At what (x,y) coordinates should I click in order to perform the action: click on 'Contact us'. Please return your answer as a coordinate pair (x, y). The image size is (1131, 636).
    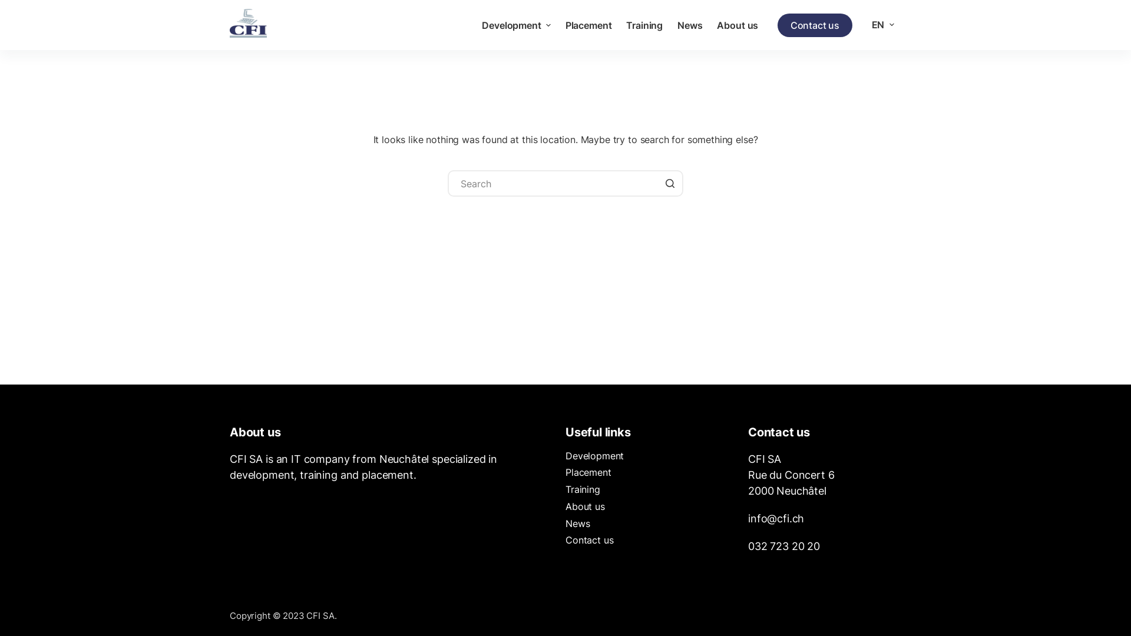
    Looking at the image, I should click on (814, 25).